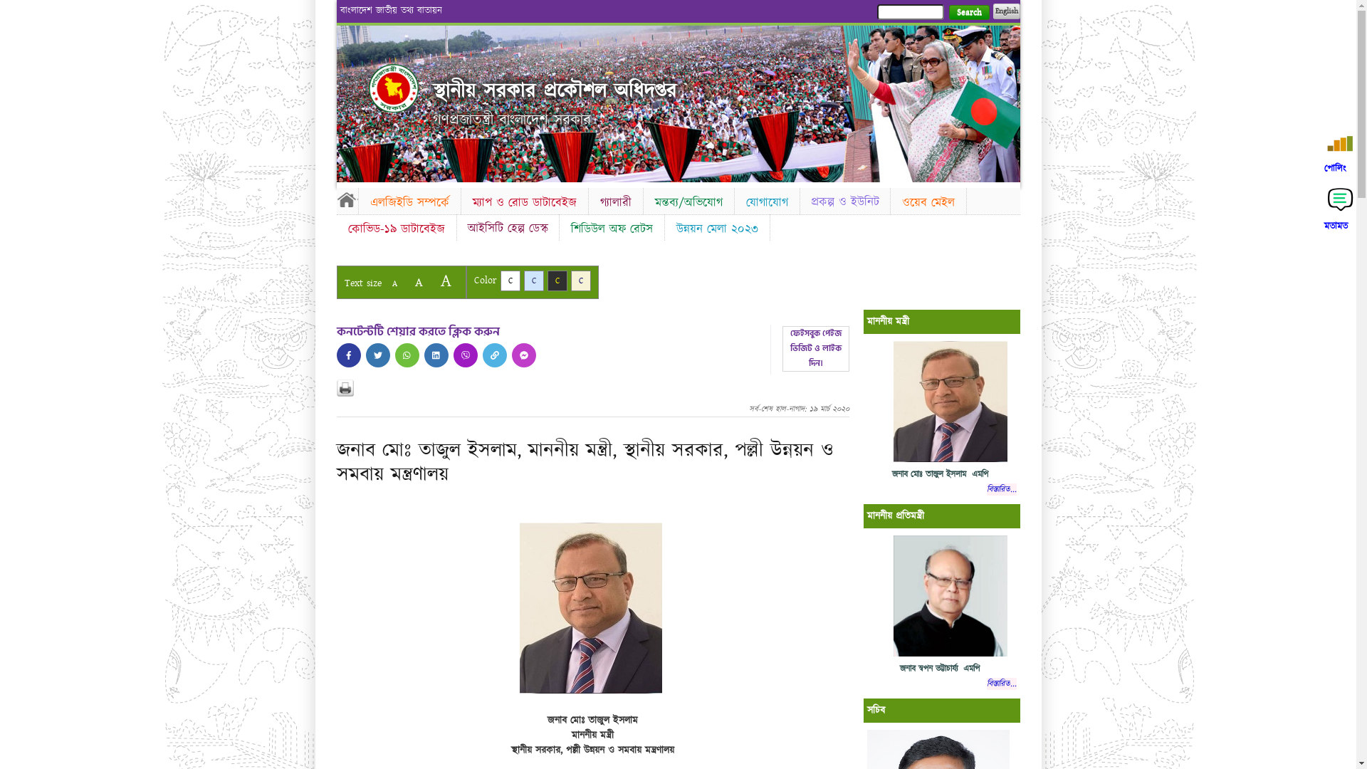  Describe the element at coordinates (968, 12) in the screenshot. I see `'Search'` at that location.